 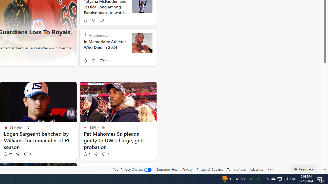 What do you see at coordinates (101, 60) in the screenshot?
I see `'View comments 16 Comment'` at bounding box center [101, 60].